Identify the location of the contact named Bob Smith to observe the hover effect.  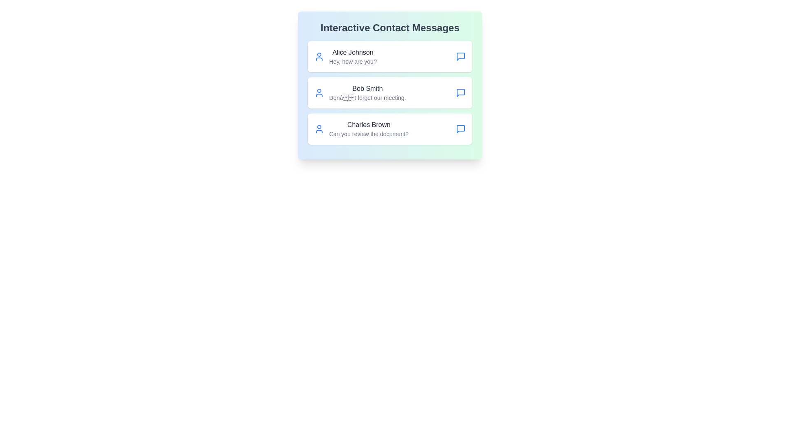
(390, 92).